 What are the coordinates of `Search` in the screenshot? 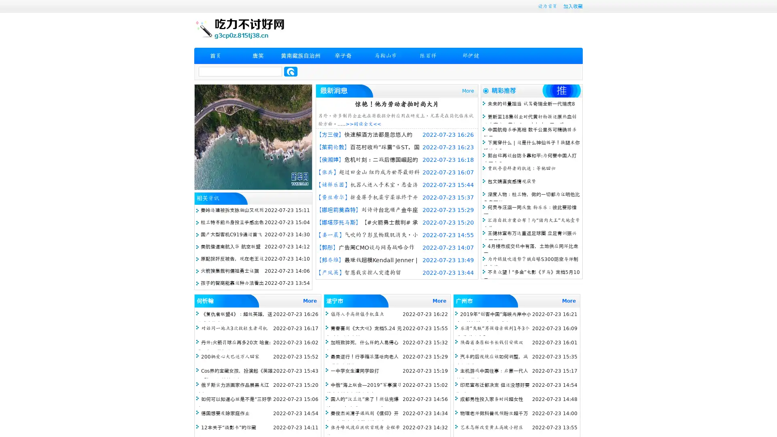 It's located at (291, 71).